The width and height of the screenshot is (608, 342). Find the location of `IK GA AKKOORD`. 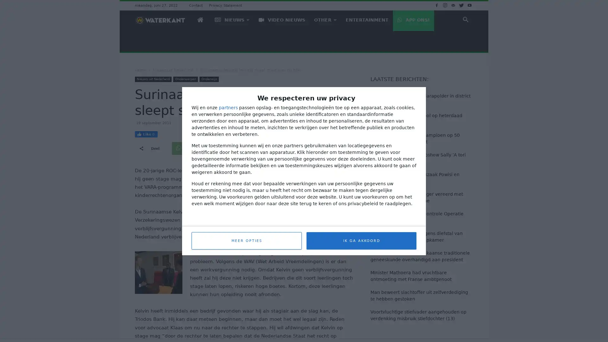

IK GA AKKOORD is located at coordinates (361, 240).